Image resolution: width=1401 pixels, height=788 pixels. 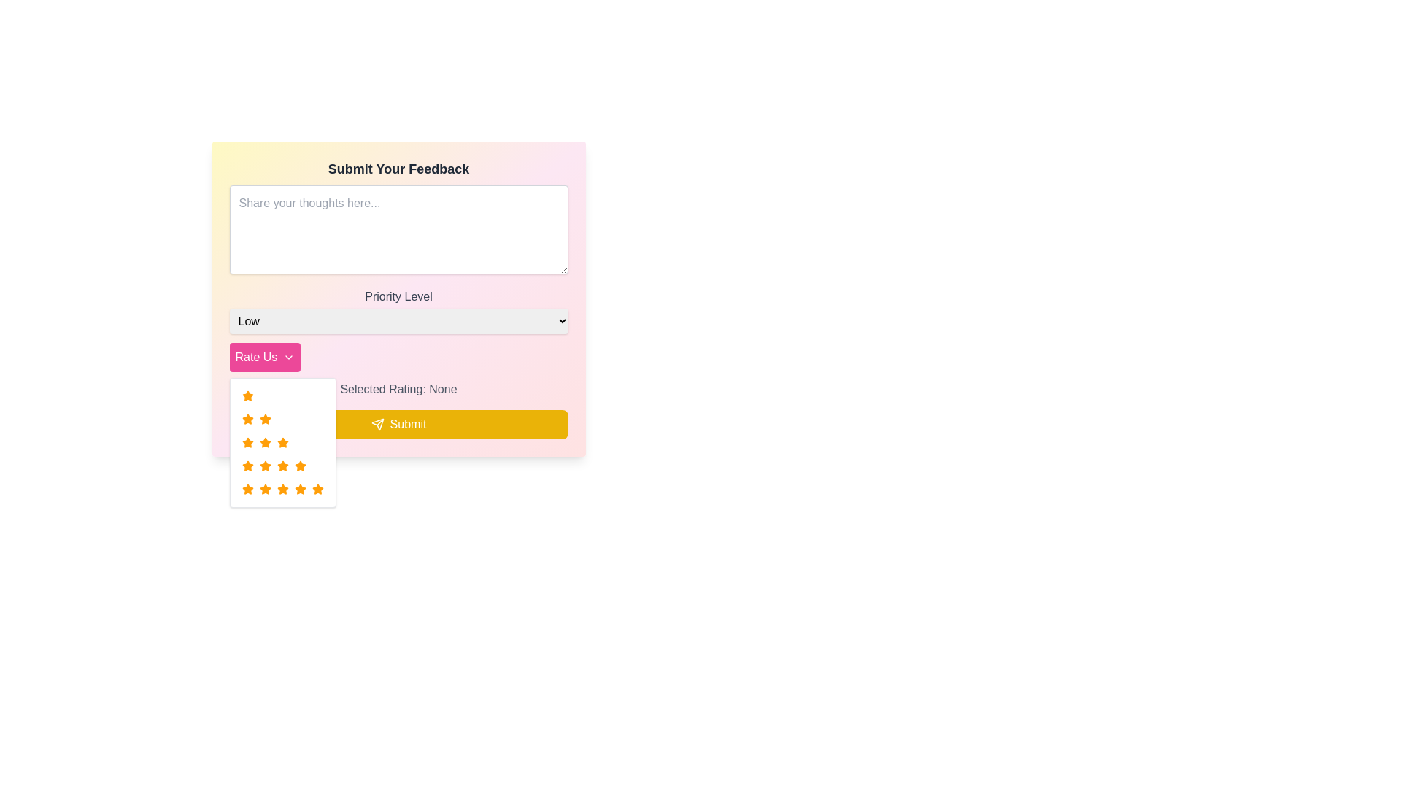 What do you see at coordinates (317, 490) in the screenshot?
I see `the last star icon in the rating grid located in the dropdown menu under the 'Rate Us' button` at bounding box center [317, 490].